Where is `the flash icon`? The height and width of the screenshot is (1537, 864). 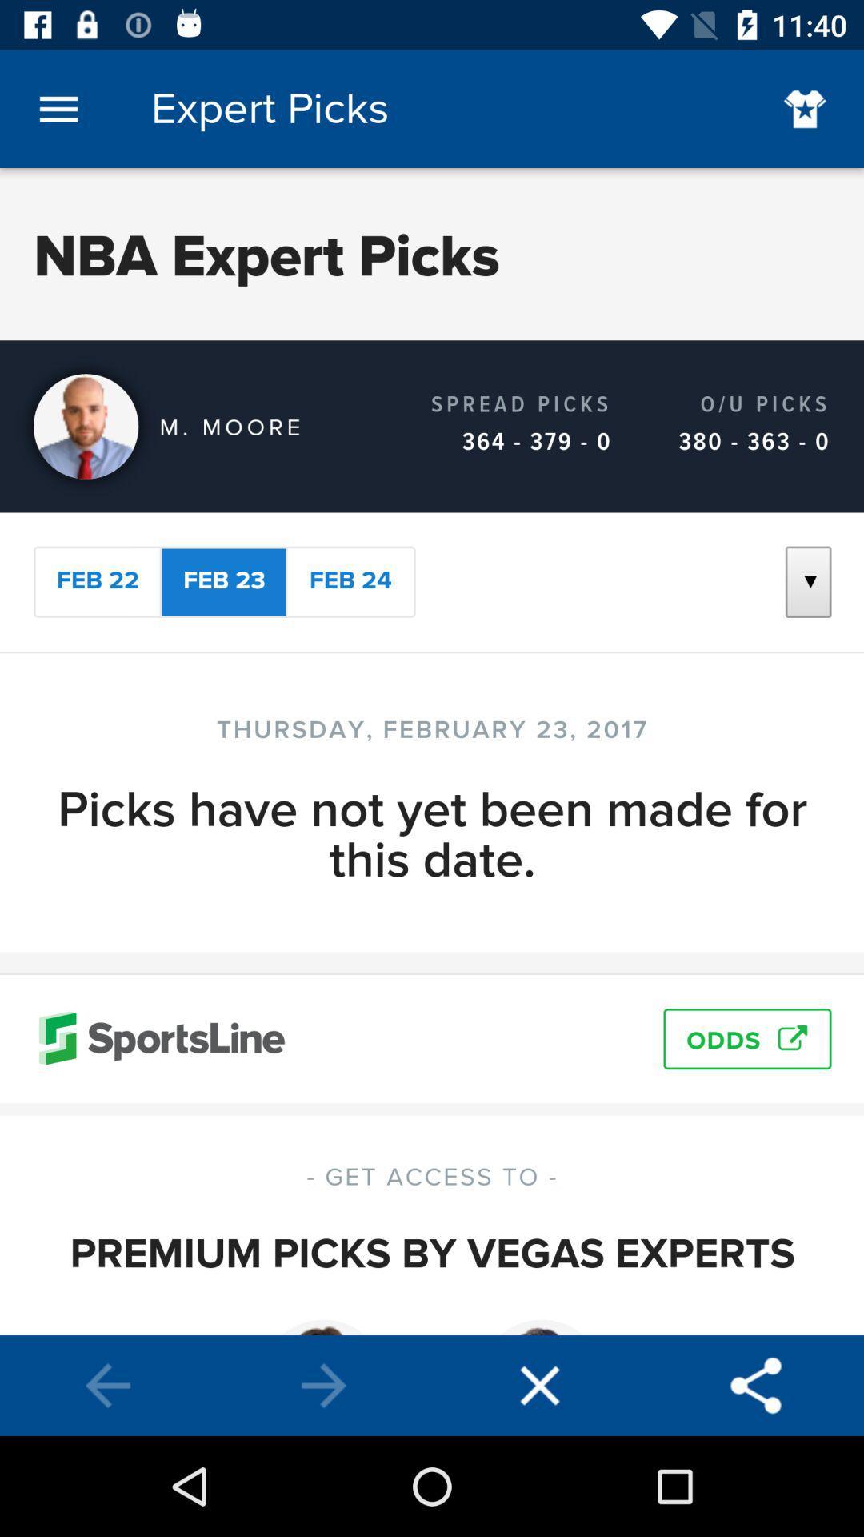 the flash icon is located at coordinates (540, 1385).